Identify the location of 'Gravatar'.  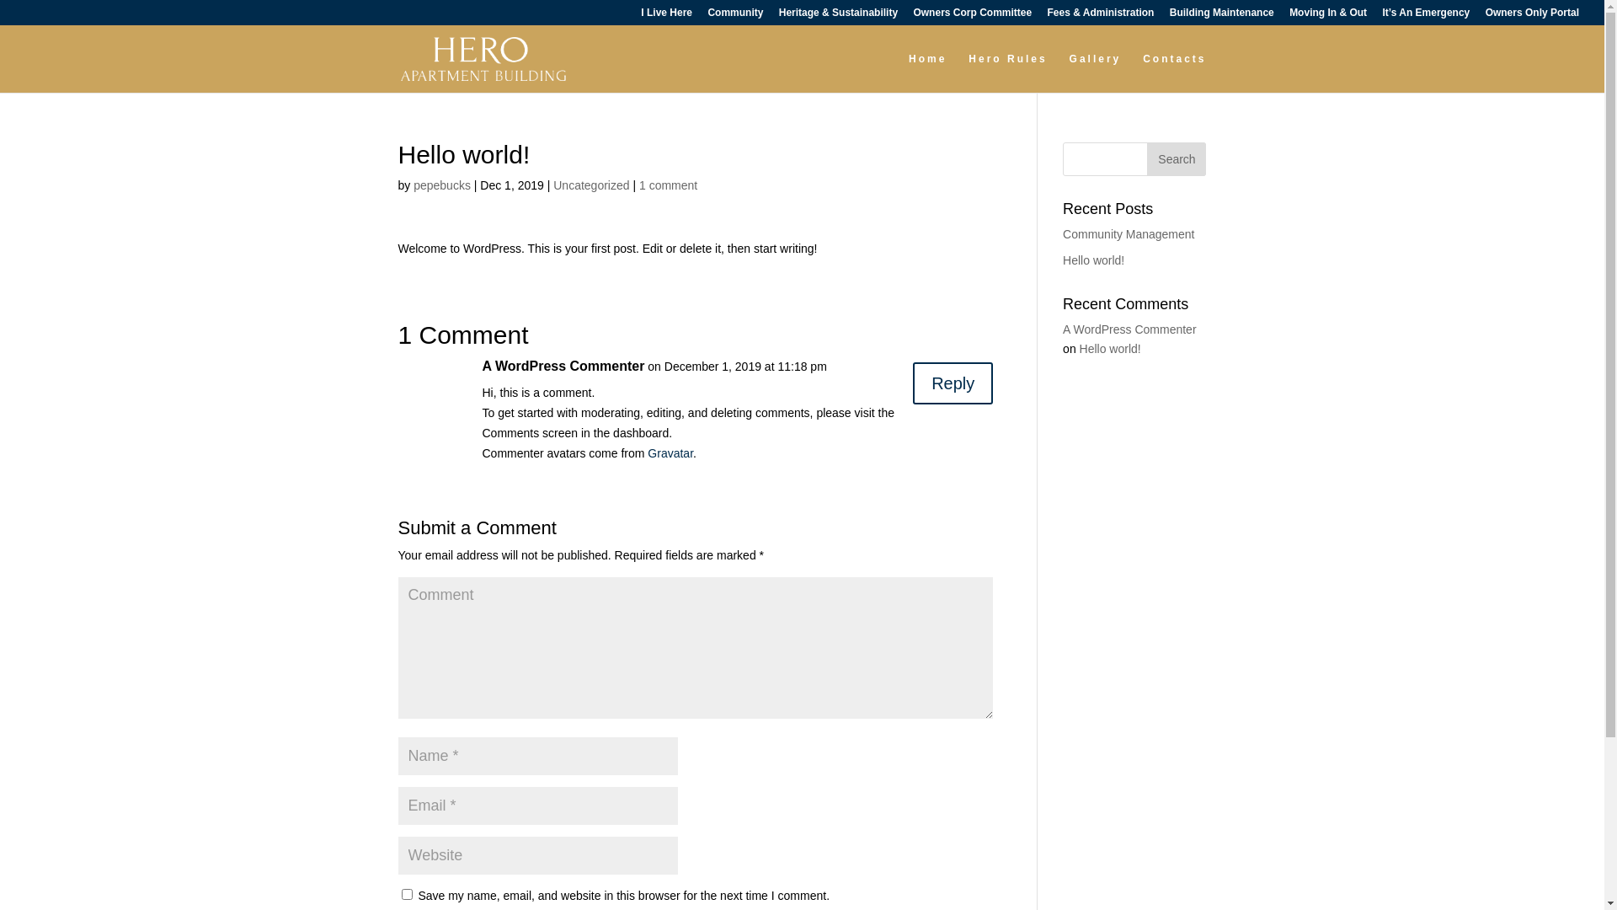
(670, 452).